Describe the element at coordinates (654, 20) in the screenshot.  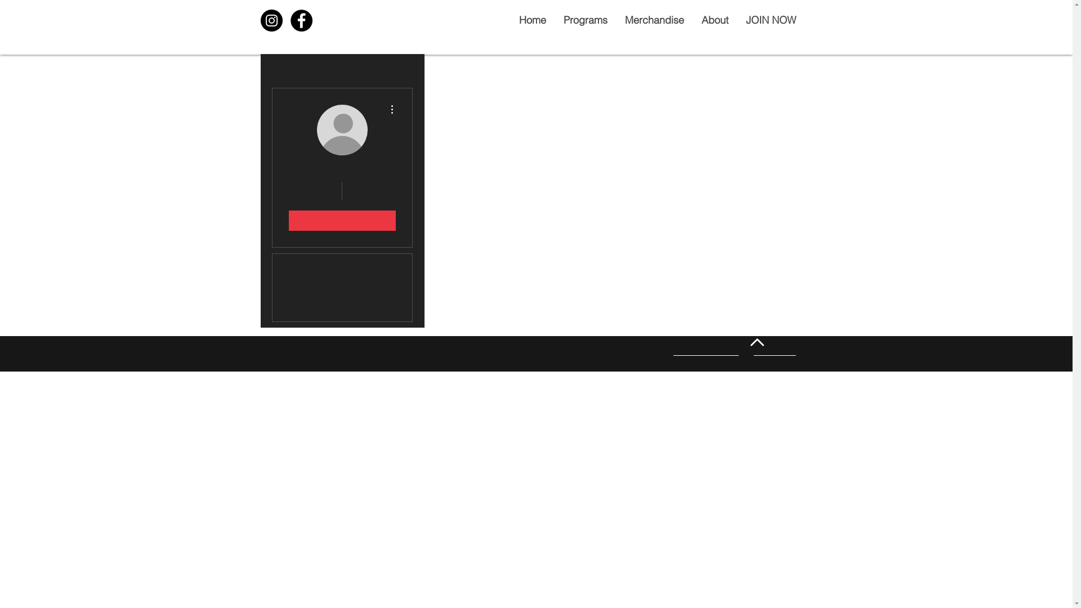
I see `'Merchandise'` at that location.